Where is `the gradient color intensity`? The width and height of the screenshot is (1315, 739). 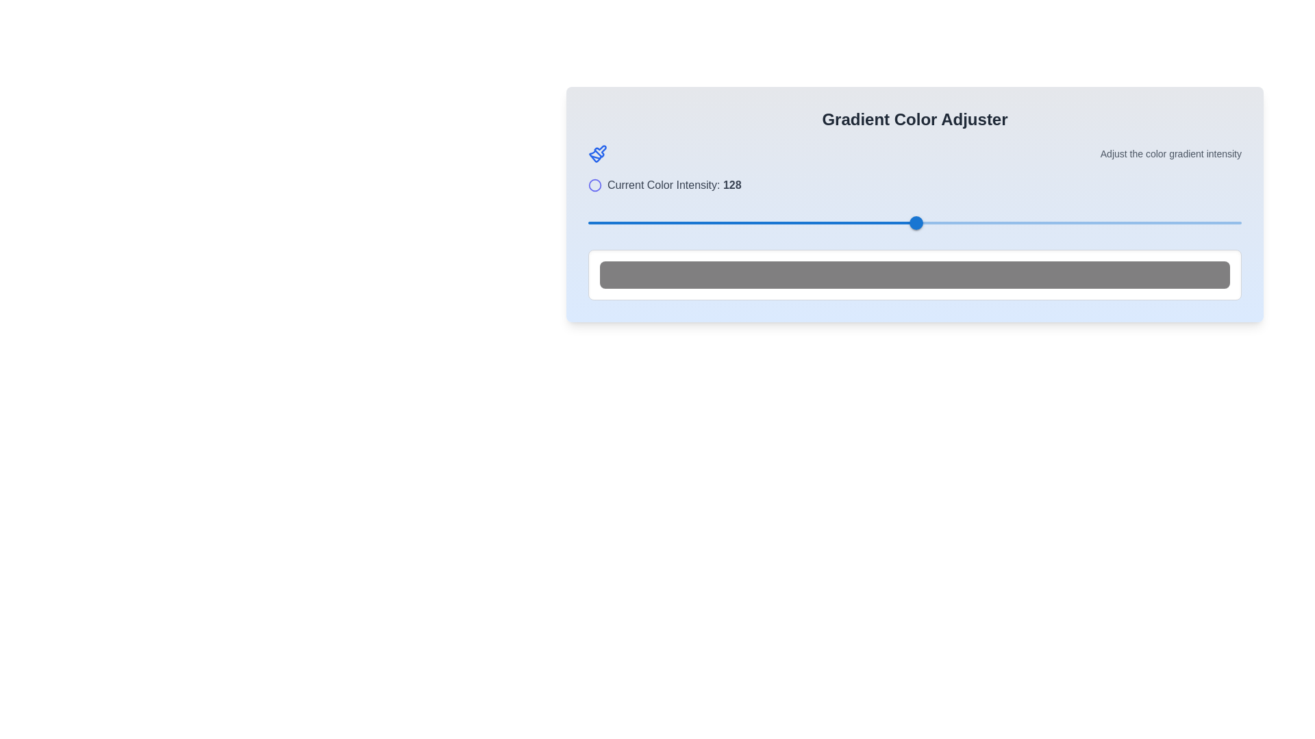 the gradient color intensity is located at coordinates (1079, 222).